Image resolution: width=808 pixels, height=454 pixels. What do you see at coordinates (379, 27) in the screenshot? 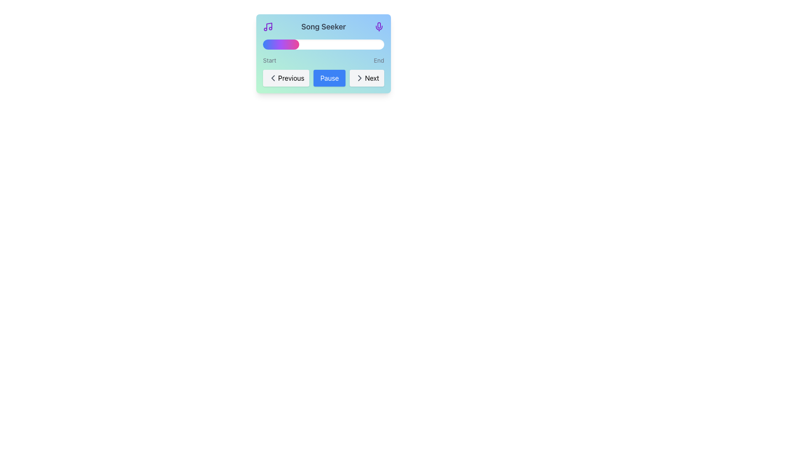
I see `the purple curved line element resembling a microphone located at the top-right corner of the music player interface` at bounding box center [379, 27].